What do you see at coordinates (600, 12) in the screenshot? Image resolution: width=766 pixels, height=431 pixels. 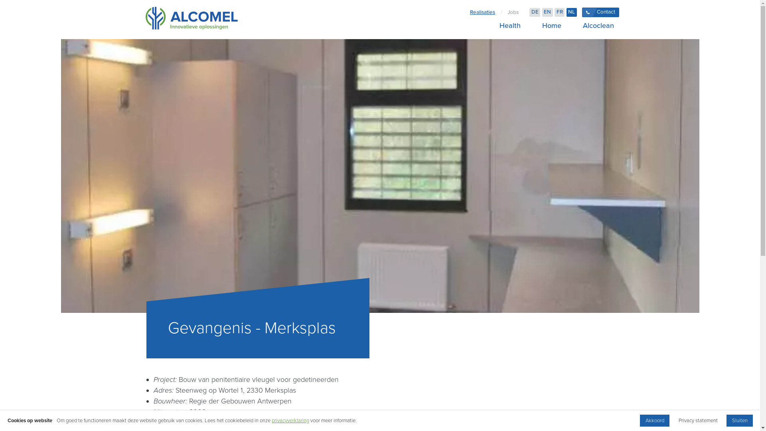 I see `'Contact'` at bounding box center [600, 12].